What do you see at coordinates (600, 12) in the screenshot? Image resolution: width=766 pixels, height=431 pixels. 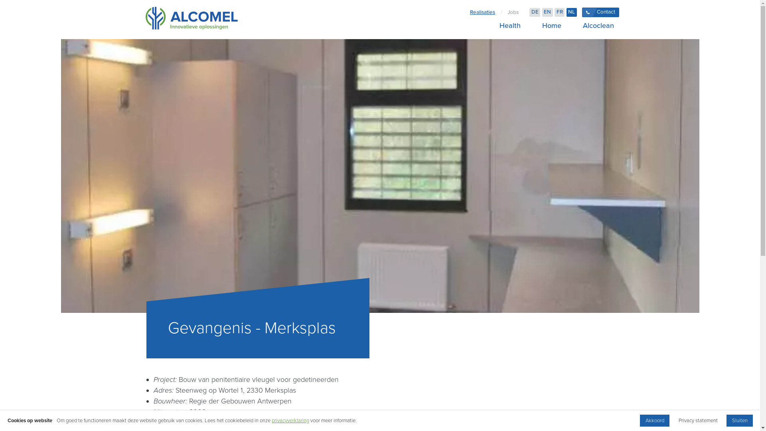 I see `'Contact'` at bounding box center [600, 12].